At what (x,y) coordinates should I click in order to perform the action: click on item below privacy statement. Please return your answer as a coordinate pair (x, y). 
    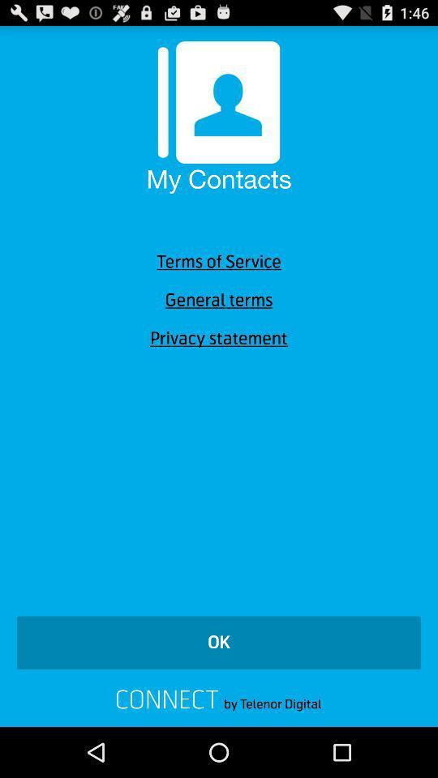
    Looking at the image, I should click on (219, 643).